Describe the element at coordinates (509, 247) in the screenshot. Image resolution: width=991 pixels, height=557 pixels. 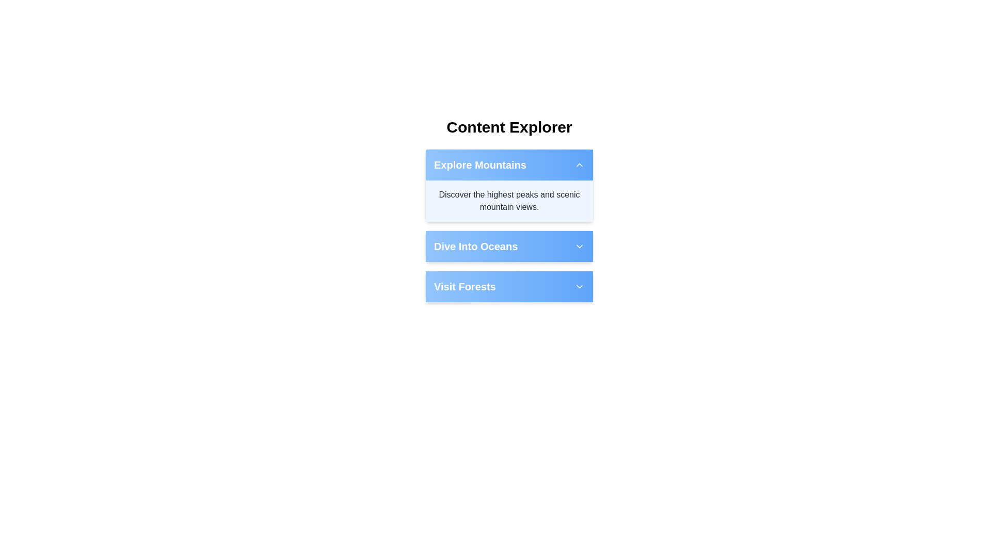
I see `the middle card in the 'Content Explorer' section` at that location.